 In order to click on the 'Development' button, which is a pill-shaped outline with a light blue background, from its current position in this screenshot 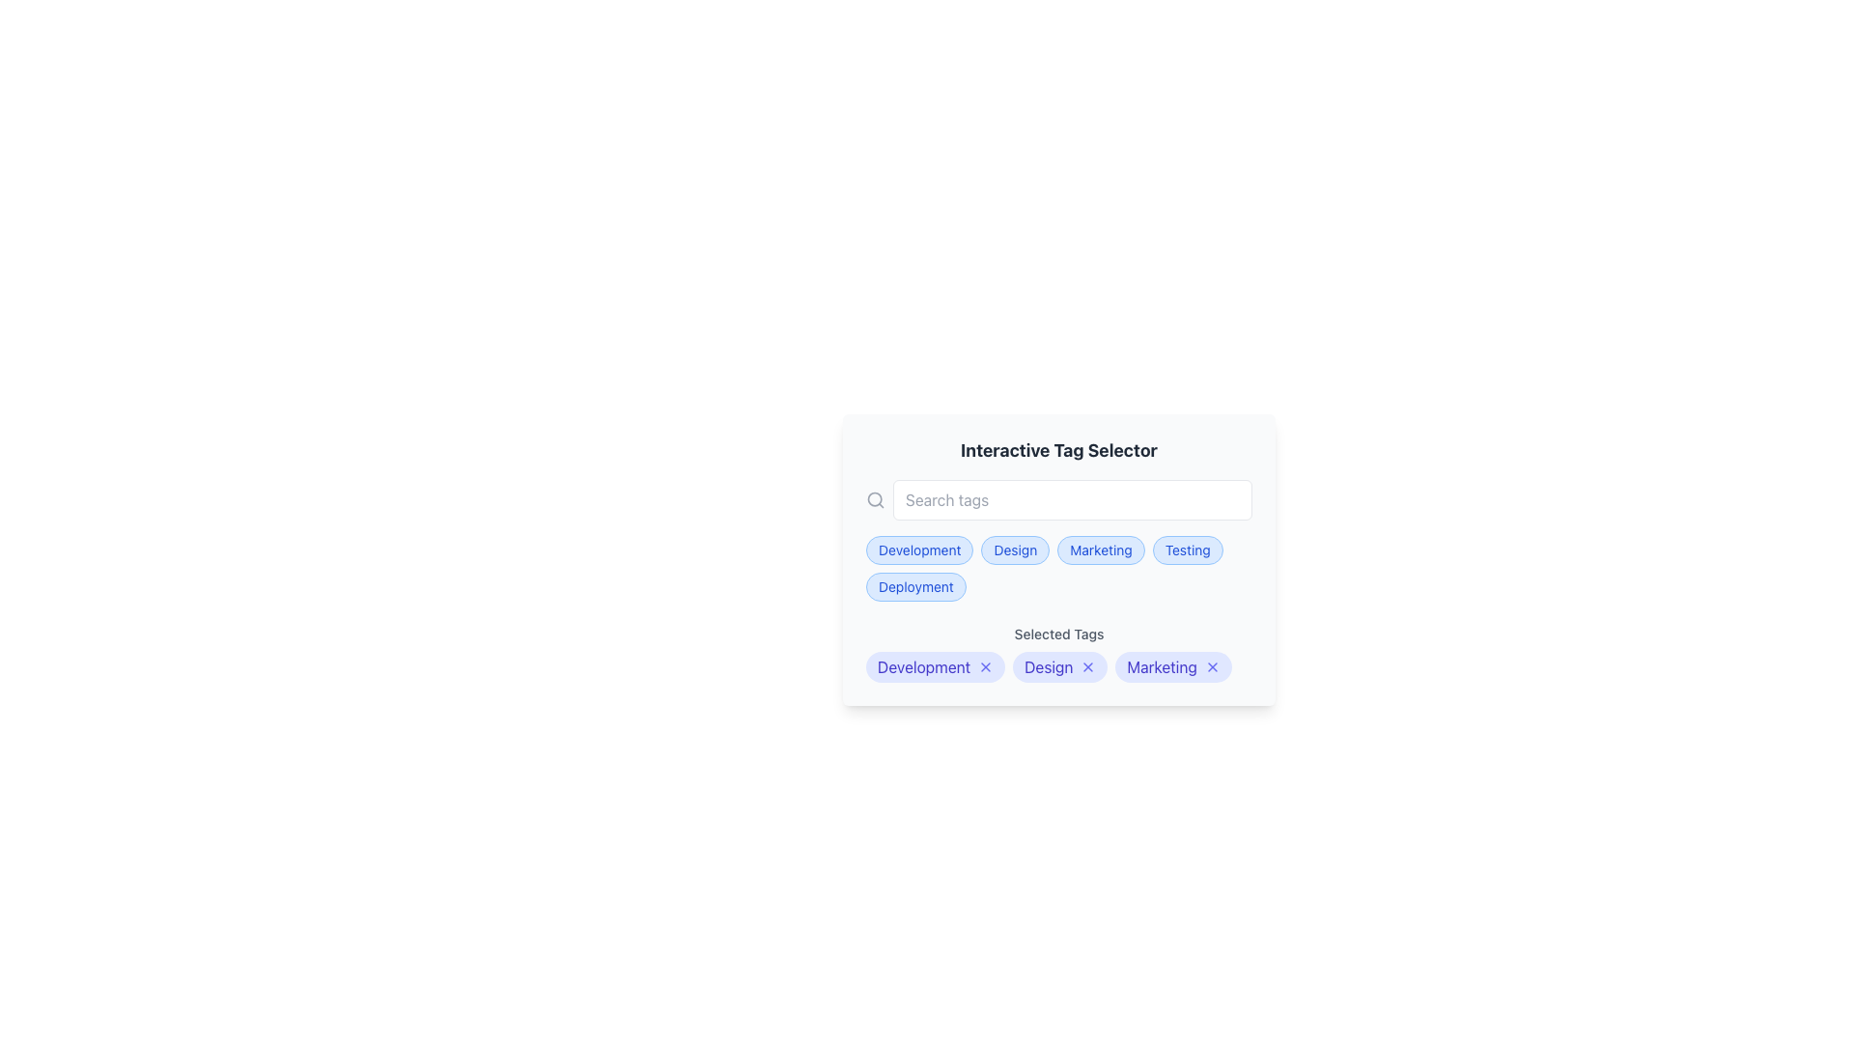, I will do `click(918, 550)`.